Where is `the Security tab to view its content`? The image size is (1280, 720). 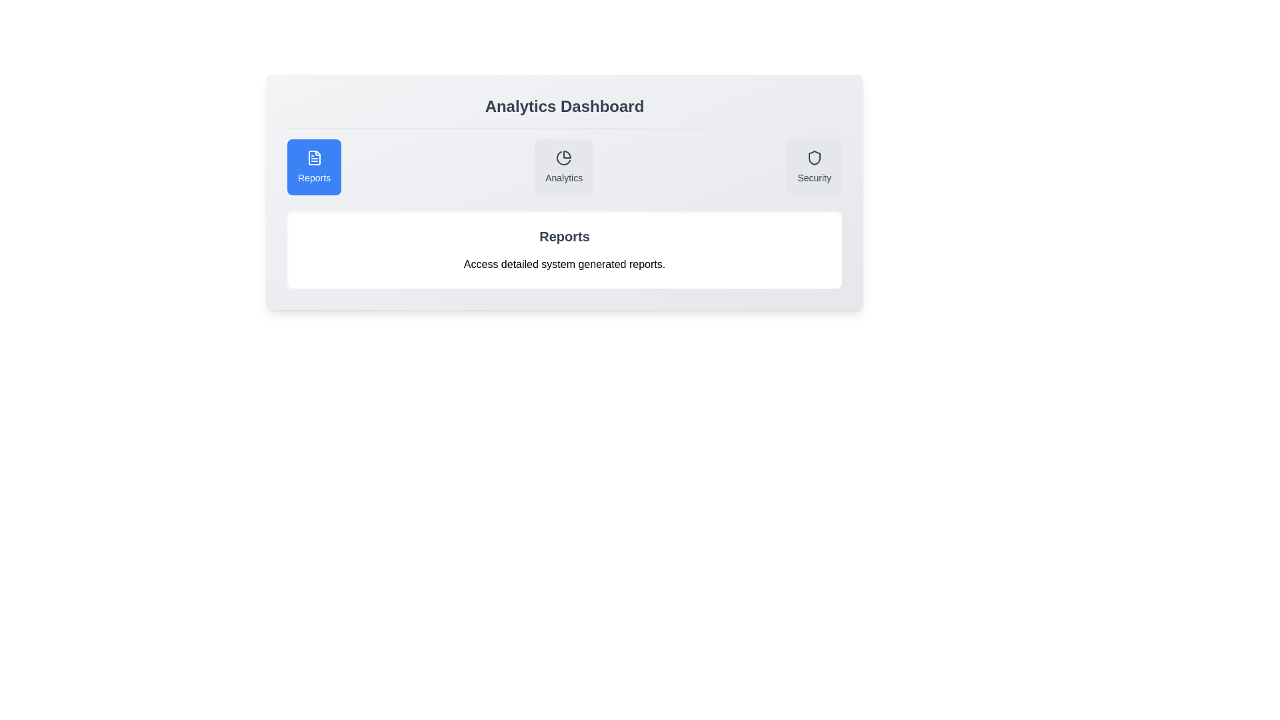 the Security tab to view its content is located at coordinates (813, 166).